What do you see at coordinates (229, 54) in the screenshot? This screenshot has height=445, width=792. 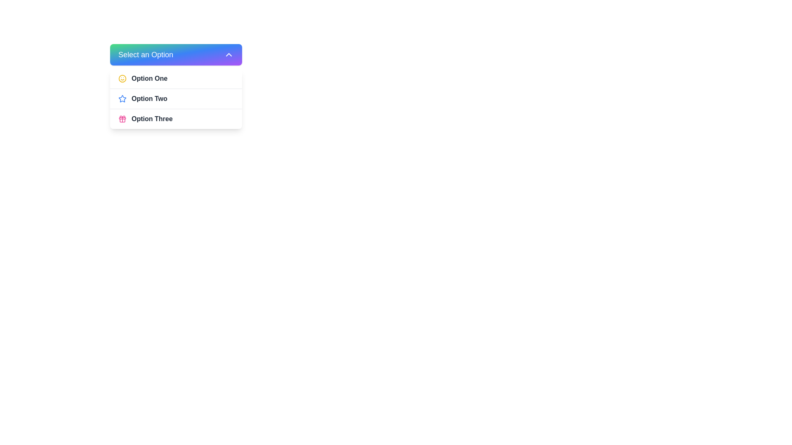 I see `the Chevron-Up Arrow icon located in the top-right corner of the 'Select an Option' button to interact with the dropdown menu` at bounding box center [229, 54].